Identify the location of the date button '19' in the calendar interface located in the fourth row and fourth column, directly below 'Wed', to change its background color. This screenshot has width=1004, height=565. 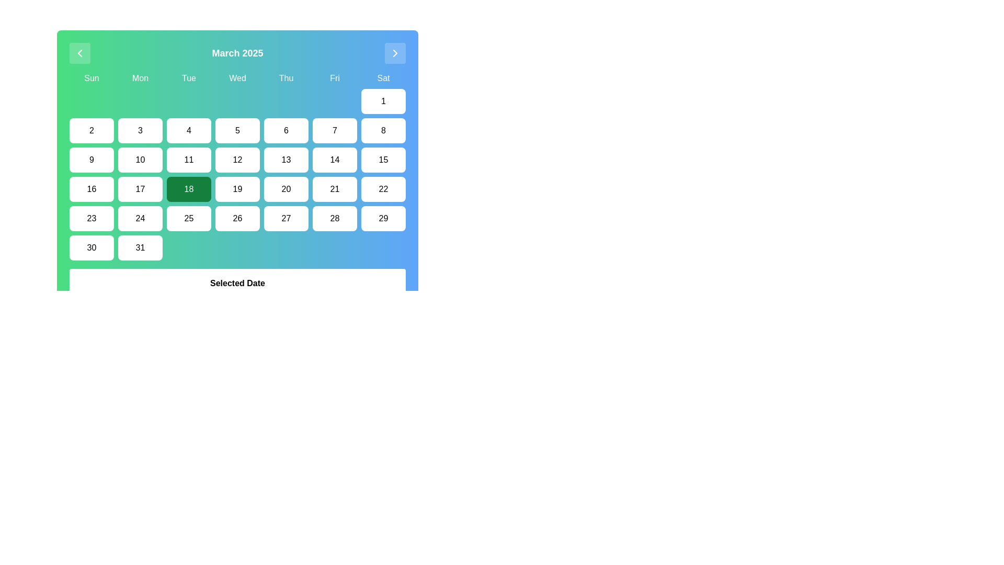
(237, 189).